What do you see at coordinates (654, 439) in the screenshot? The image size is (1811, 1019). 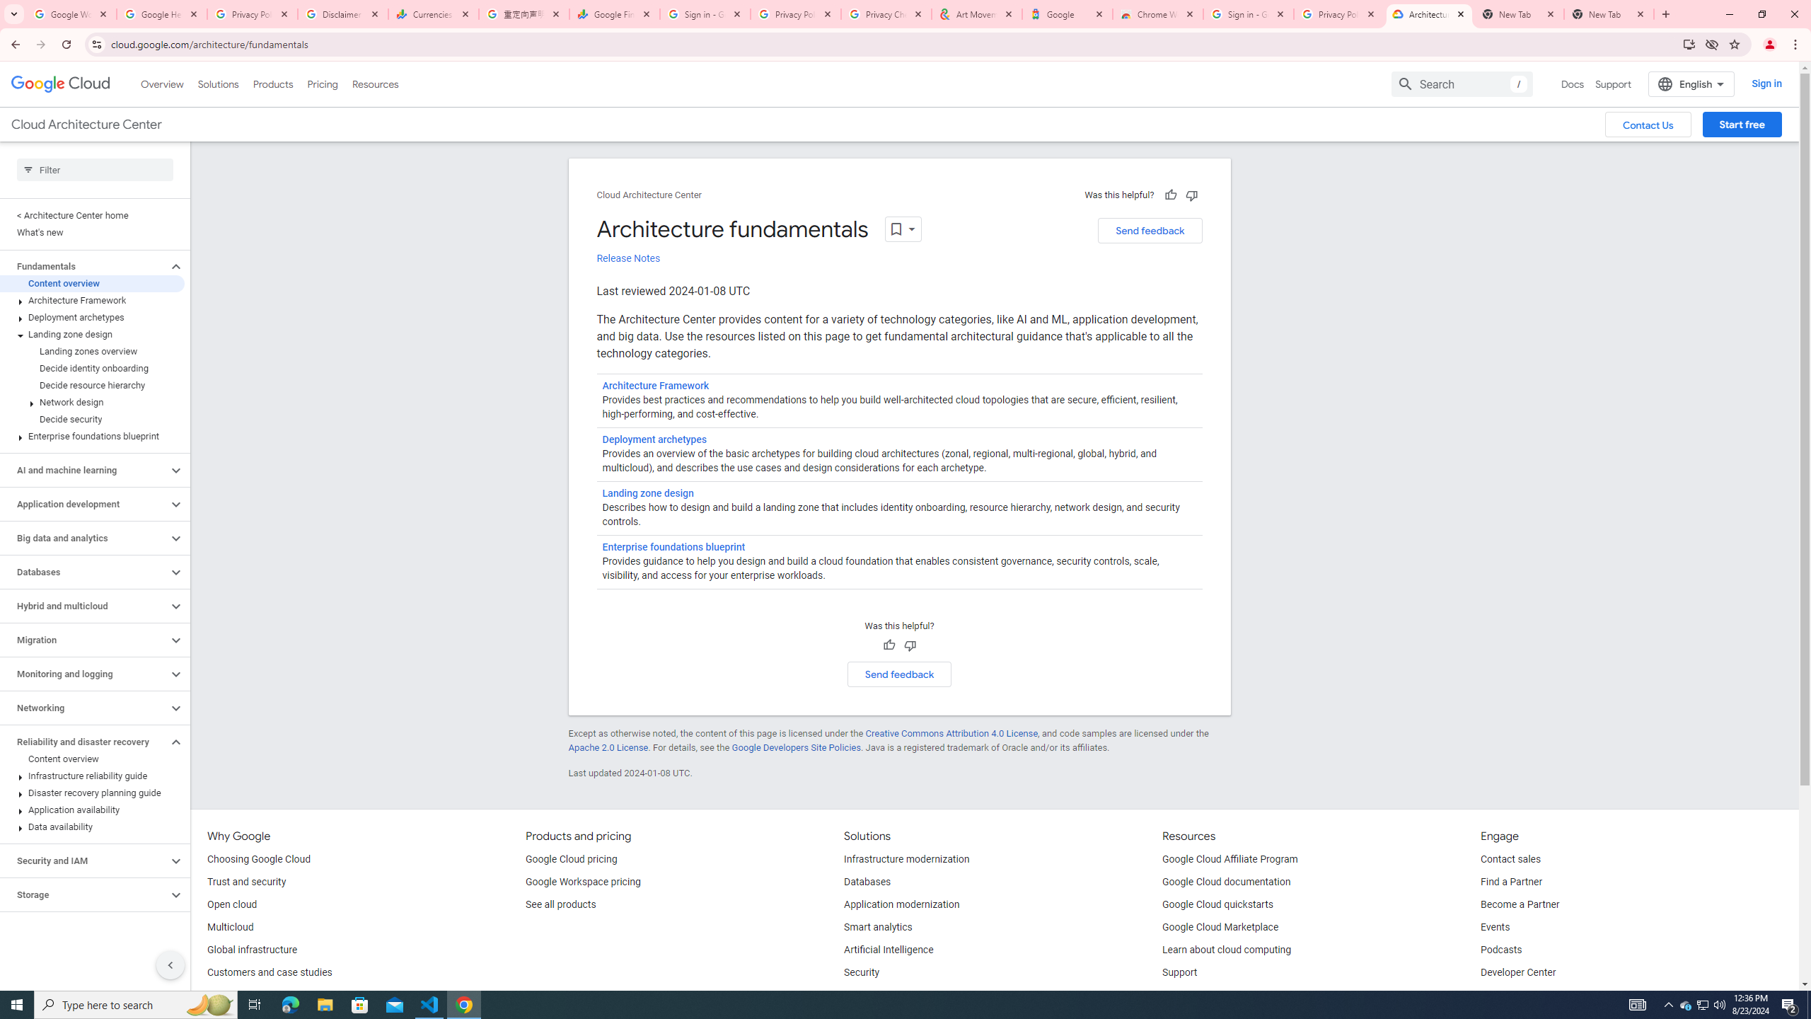 I see `'Deployment archetypes'` at bounding box center [654, 439].